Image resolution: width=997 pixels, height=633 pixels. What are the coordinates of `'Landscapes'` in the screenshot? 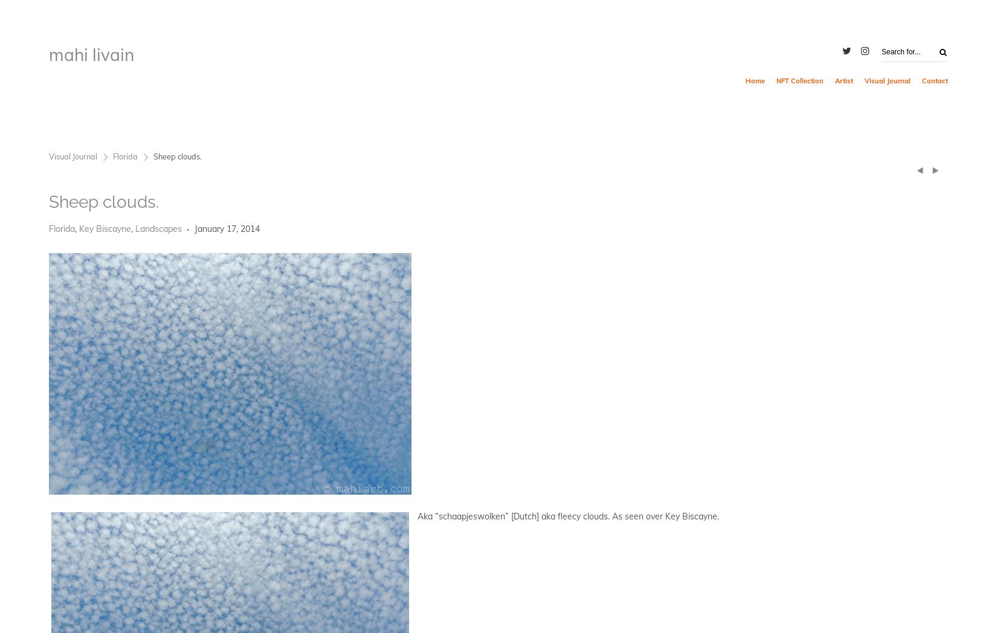 It's located at (158, 228).